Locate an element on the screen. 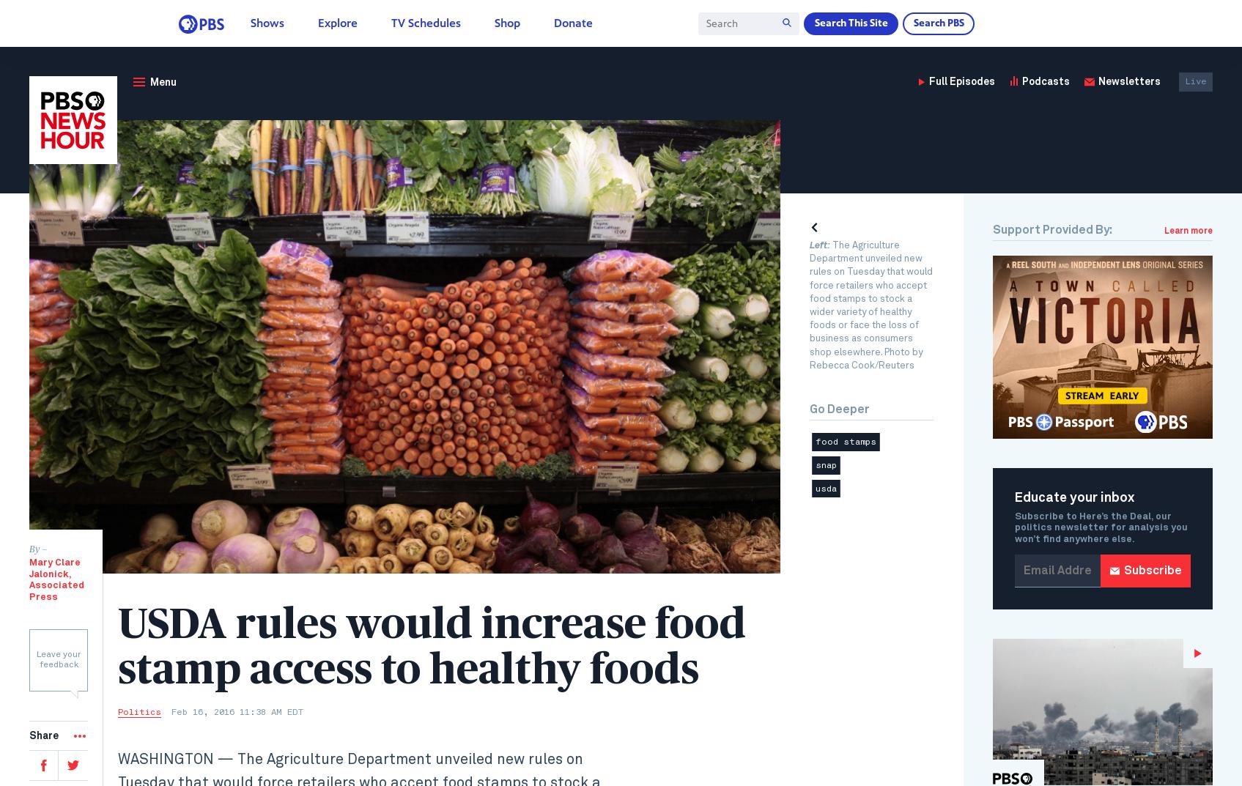 This screenshot has height=786, width=1242. 'Live' is located at coordinates (1194, 82).